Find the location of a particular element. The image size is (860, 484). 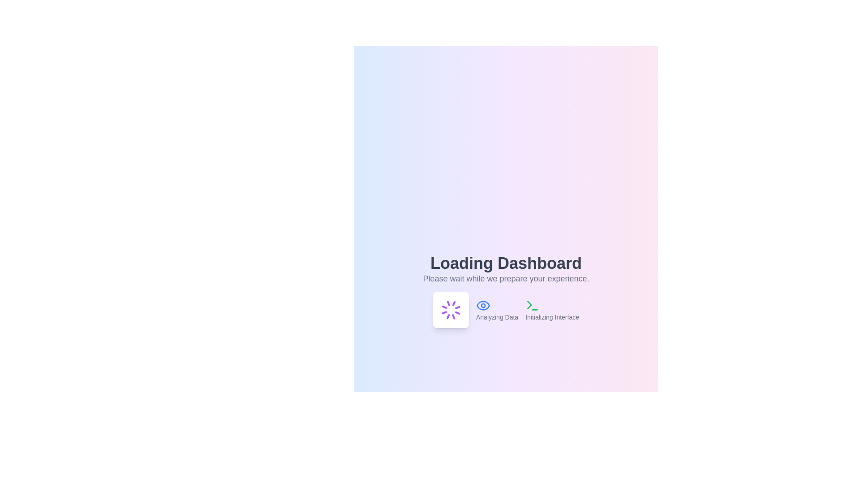

the text label reading 'Analyzing Data' is located at coordinates (497, 317).